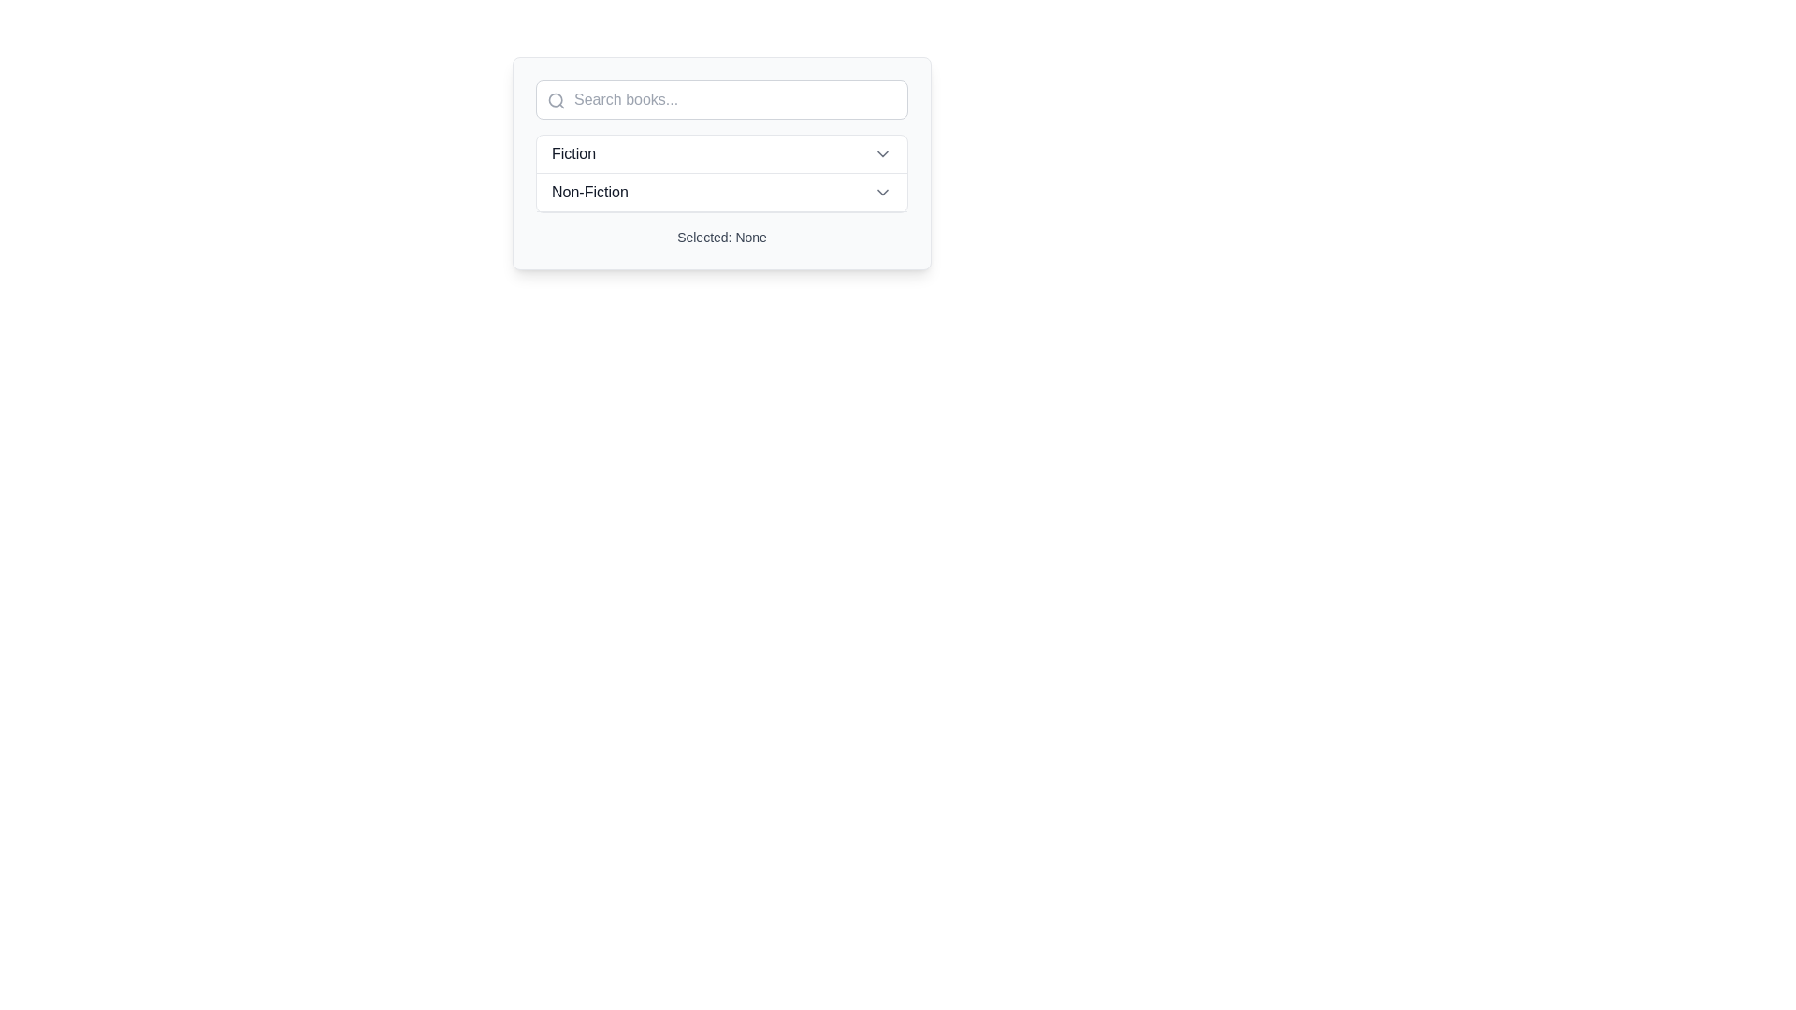 The height and width of the screenshot is (1010, 1796). Describe the element at coordinates (721, 192) in the screenshot. I see `the 'Non-Fiction' dropdown menu item, which is the second option in the dropdown list of book categories` at that location.